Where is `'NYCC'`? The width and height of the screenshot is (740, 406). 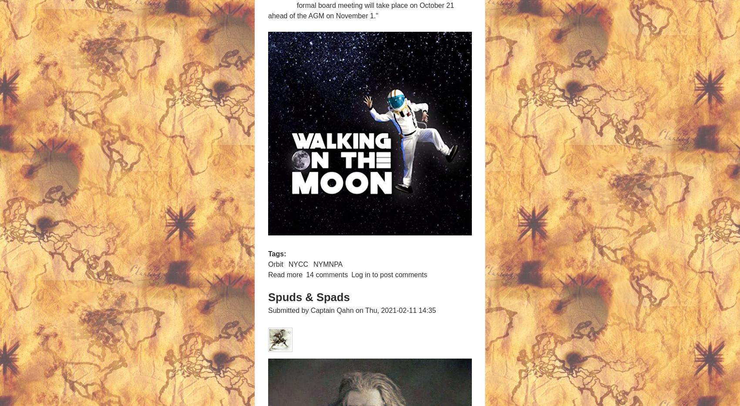 'NYCC' is located at coordinates (298, 264).